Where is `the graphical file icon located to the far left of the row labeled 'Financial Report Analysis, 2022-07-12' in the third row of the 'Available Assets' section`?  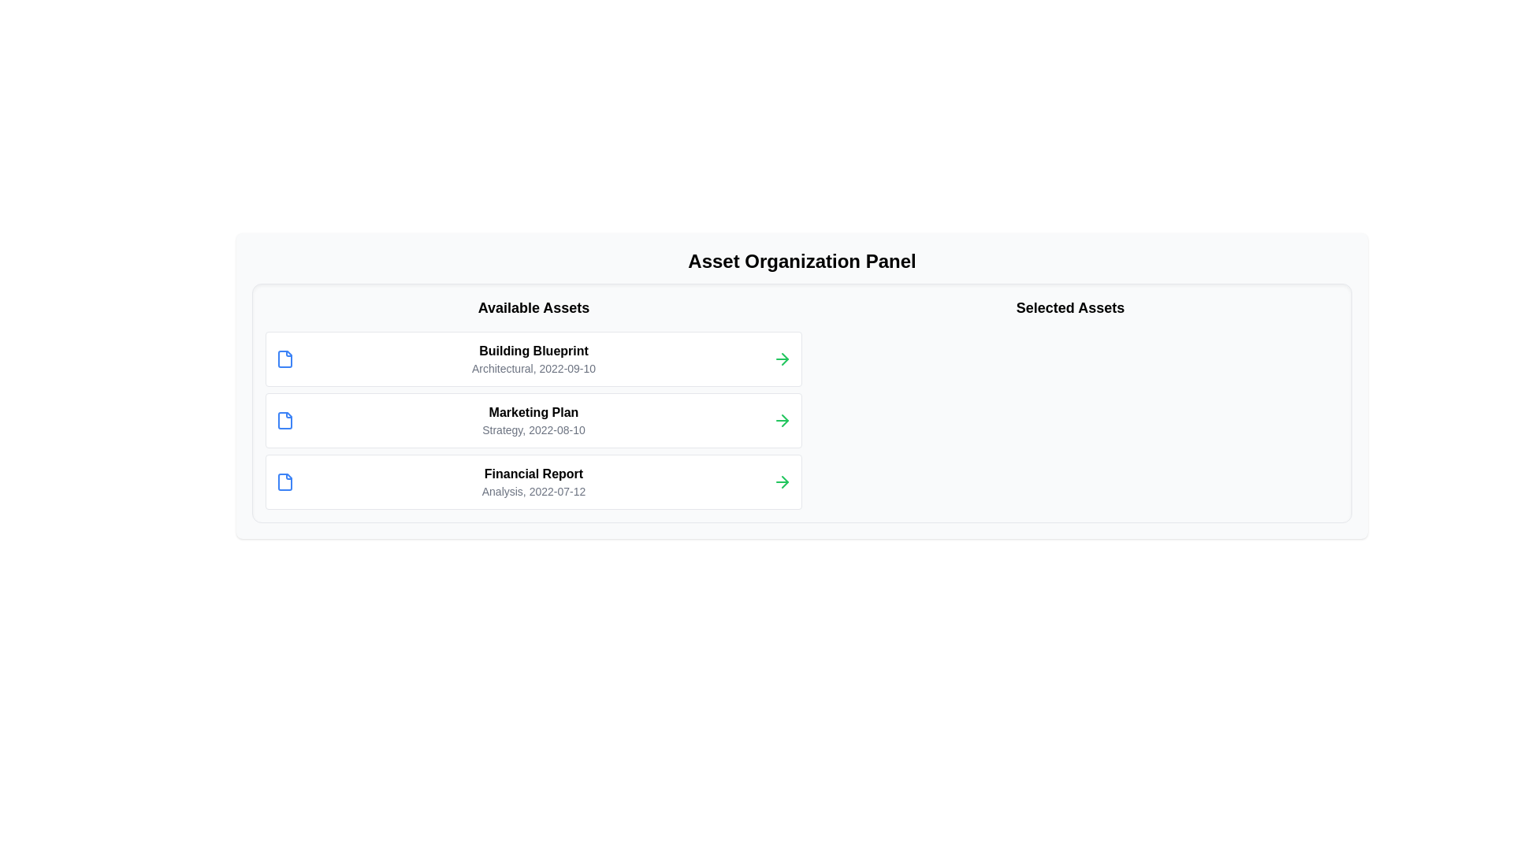 the graphical file icon located to the far left of the row labeled 'Financial Report Analysis, 2022-07-12' in the third row of the 'Available Assets' section is located at coordinates (284, 481).